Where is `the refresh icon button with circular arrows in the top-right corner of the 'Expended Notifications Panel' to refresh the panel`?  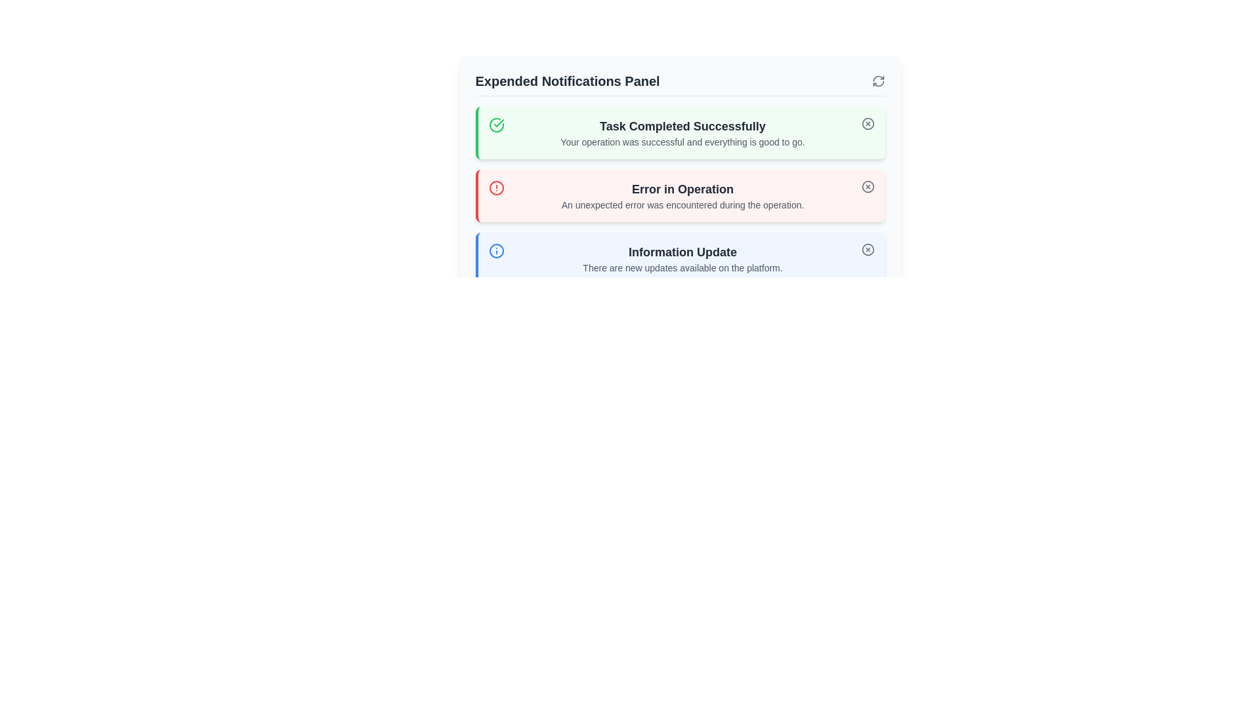 the refresh icon button with circular arrows in the top-right corner of the 'Expended Notifications Panel' to refresh the panel is located at coordinates (878, 81).